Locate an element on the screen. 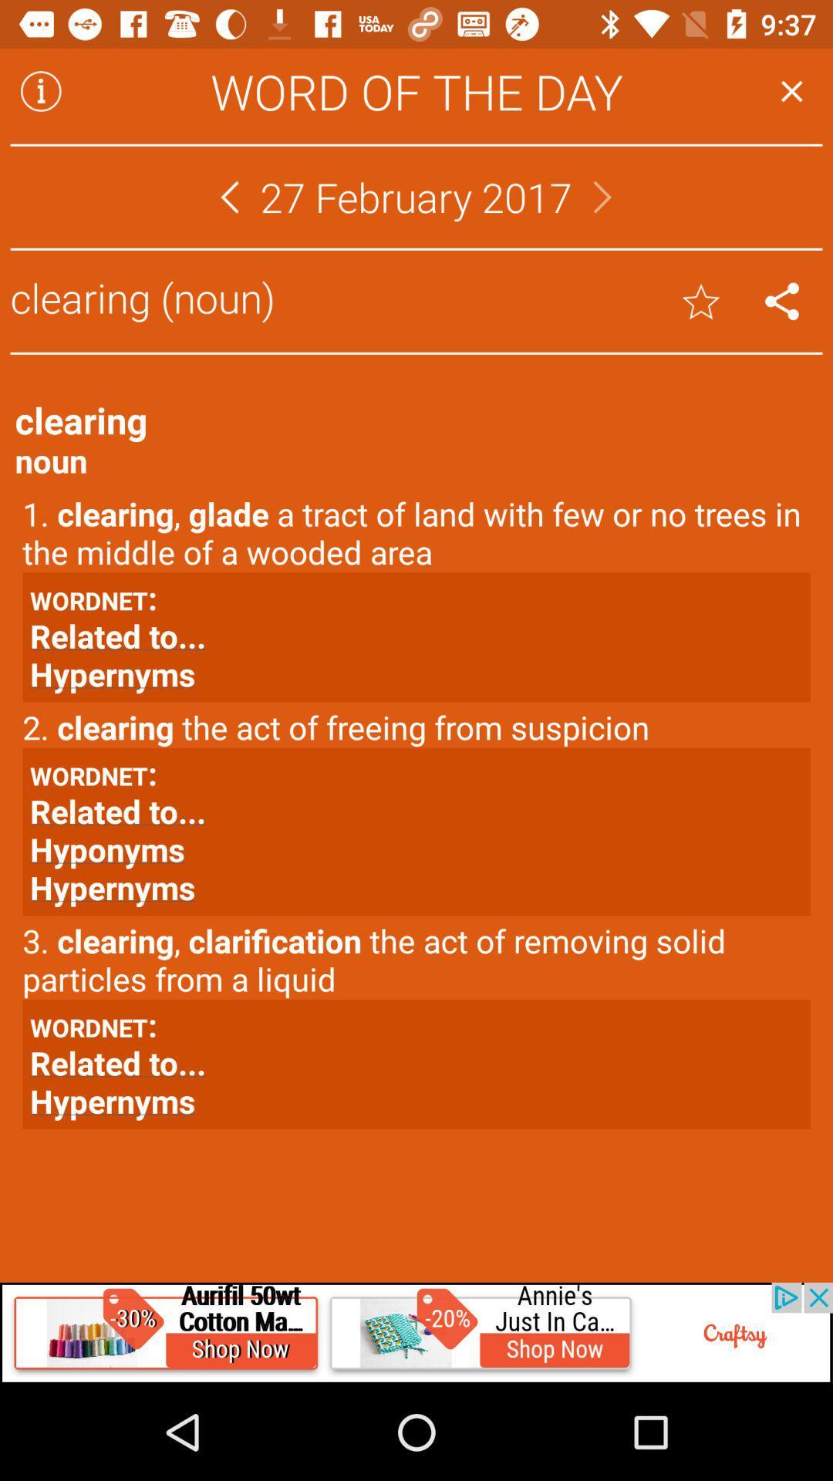 Image resolution: width=833 pixels, height=1481 pixels. the page is located at coordinates (791, 90).